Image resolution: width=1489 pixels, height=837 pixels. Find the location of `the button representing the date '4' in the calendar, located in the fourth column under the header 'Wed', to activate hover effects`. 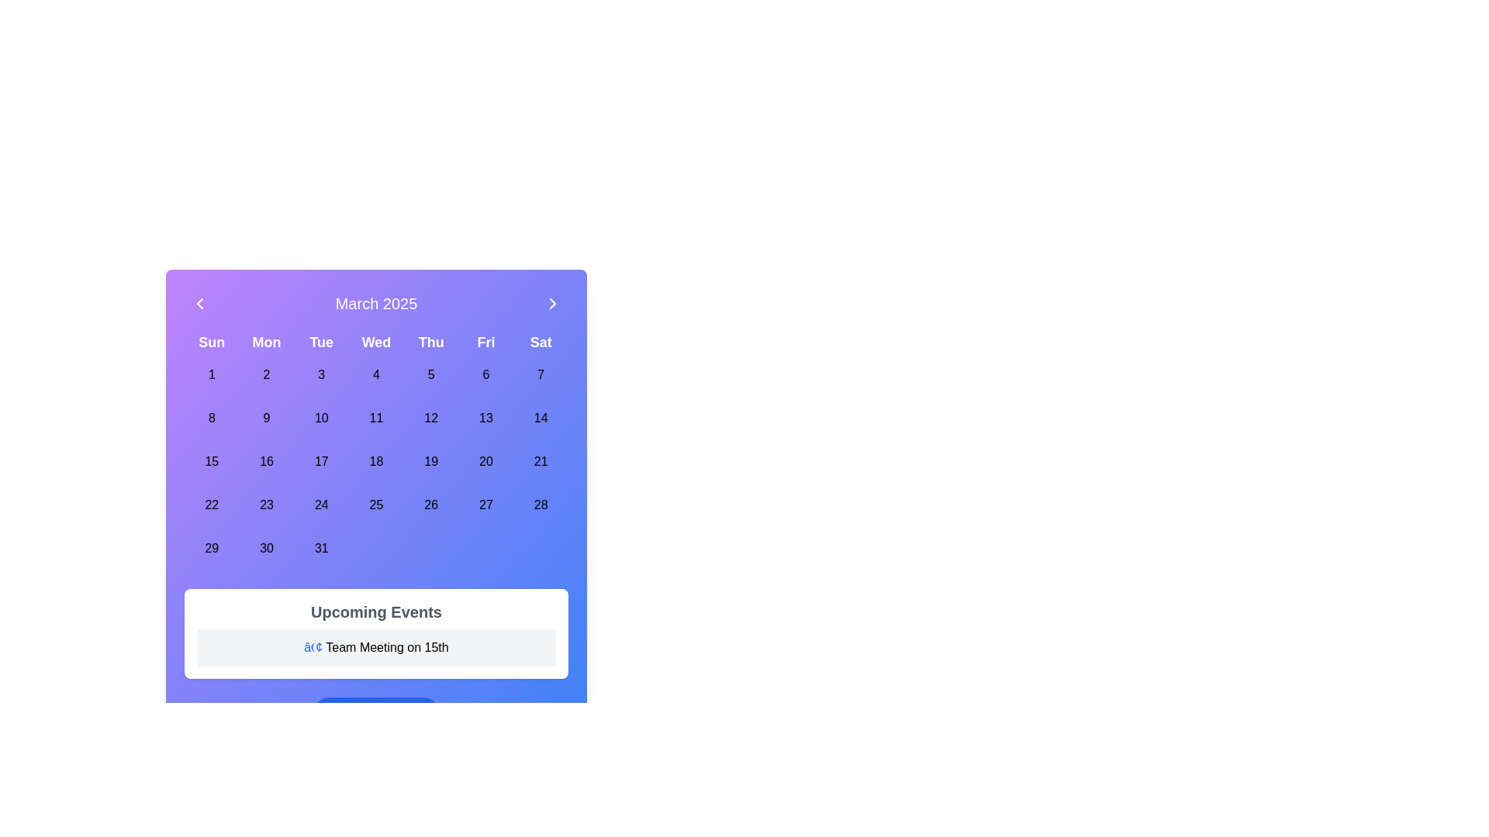

the button representing the date '4' in the calendar, located in the fourth column under the header 'Wed', to activate hover effects is located at coordinates (376, 374).